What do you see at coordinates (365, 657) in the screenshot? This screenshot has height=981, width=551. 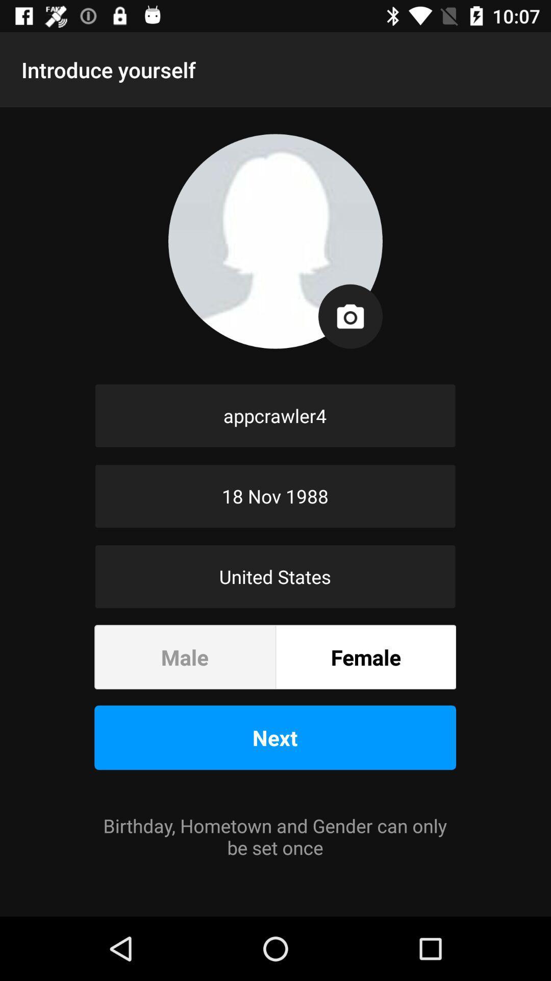 I see `the item below the united states` at bounding box center [365, 657].